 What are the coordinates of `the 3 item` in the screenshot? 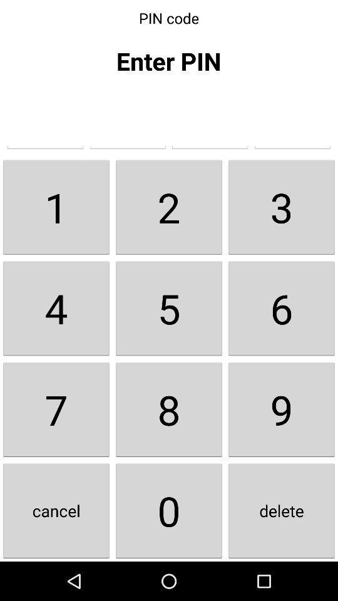 It's located at (281, 207).